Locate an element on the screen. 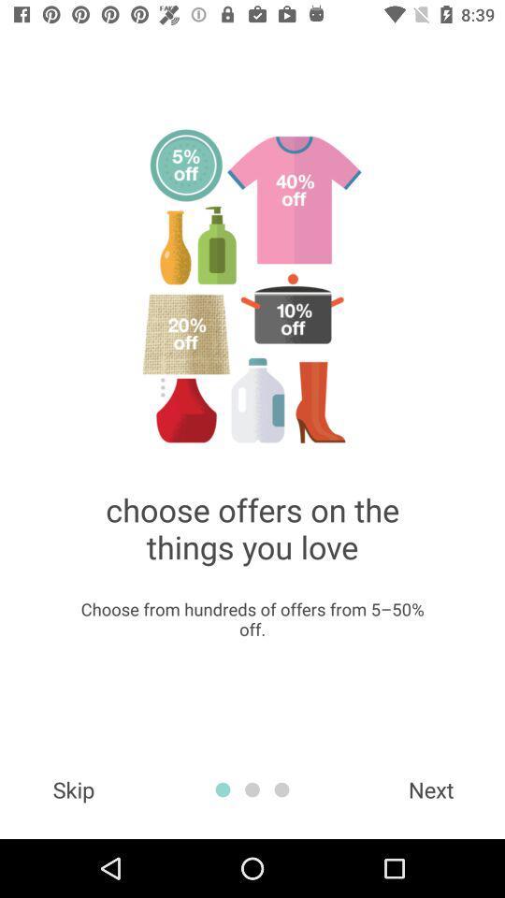 Image resolution: width=505 pixels, height=898 pixels. the item below the choose from hundreds is located at coordinates (431, 789).